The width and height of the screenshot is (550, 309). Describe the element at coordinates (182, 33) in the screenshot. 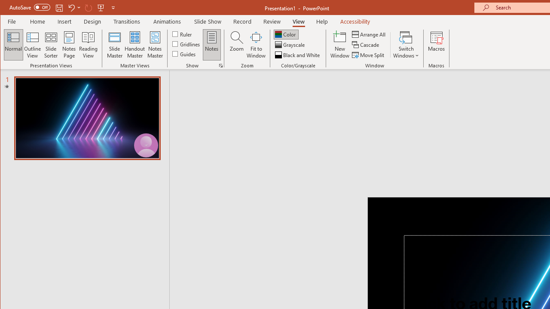

I see `'Ruler'` at that location.